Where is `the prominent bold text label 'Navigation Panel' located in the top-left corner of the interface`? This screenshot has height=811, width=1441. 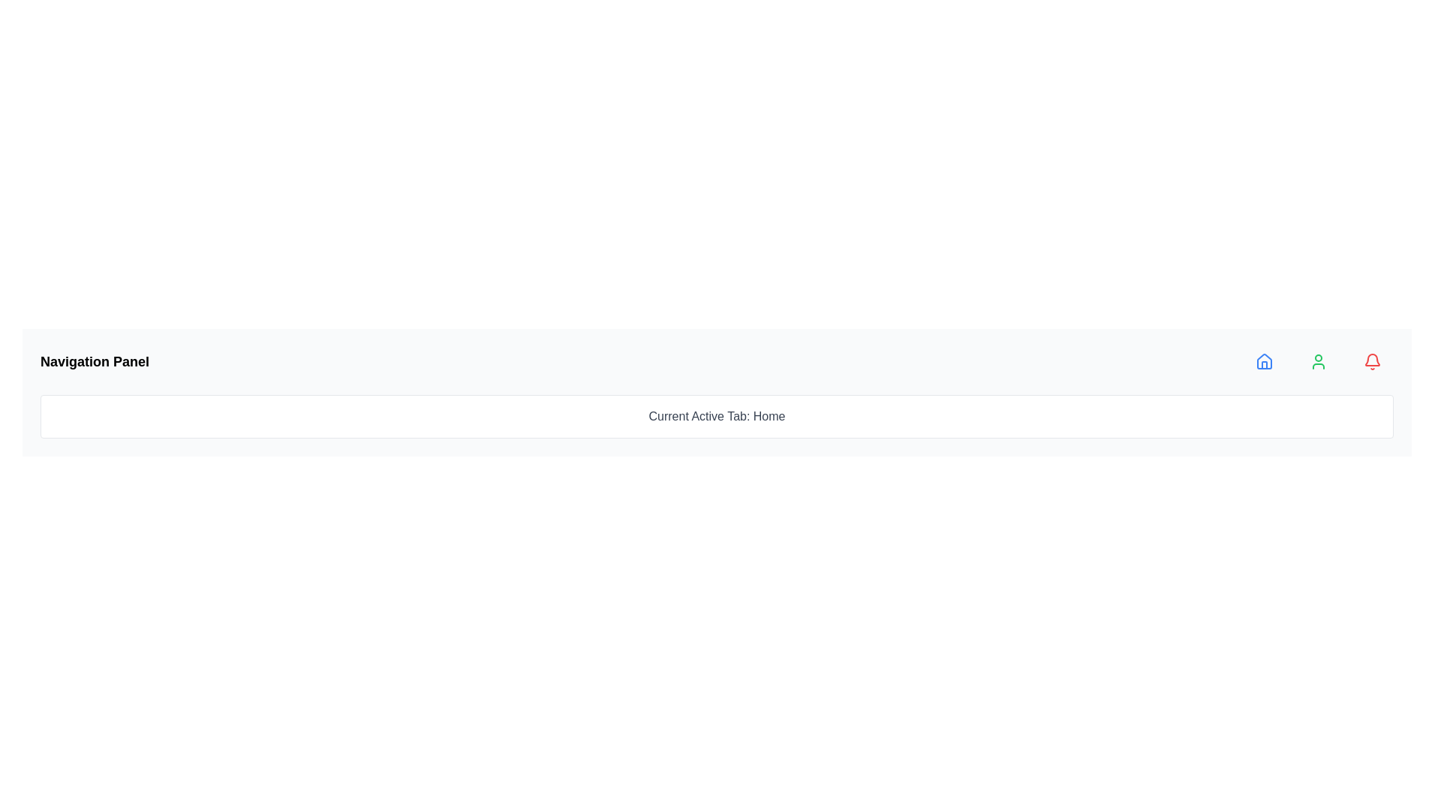
the prominent bold text label 'Navigation Panel' located in the top-left corner of the interface is located at coordinates (94, 362).